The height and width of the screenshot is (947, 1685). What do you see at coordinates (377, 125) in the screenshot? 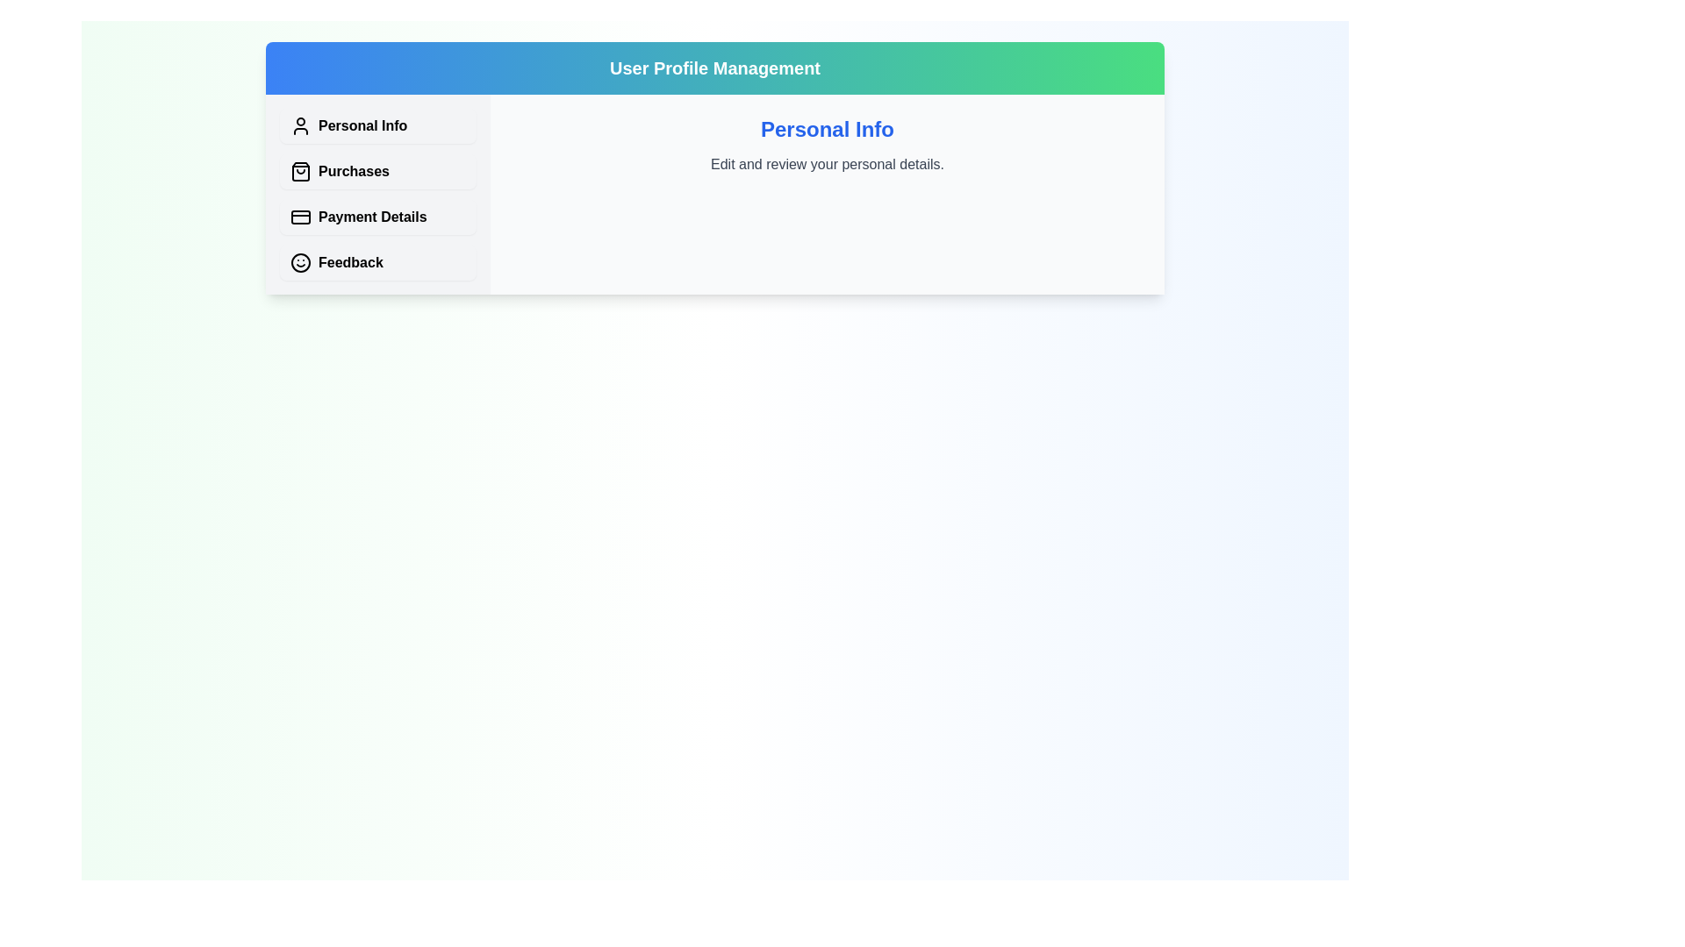
I see `the tab corresponding to Personal Info to view its content` at bounding box center [377, 125].